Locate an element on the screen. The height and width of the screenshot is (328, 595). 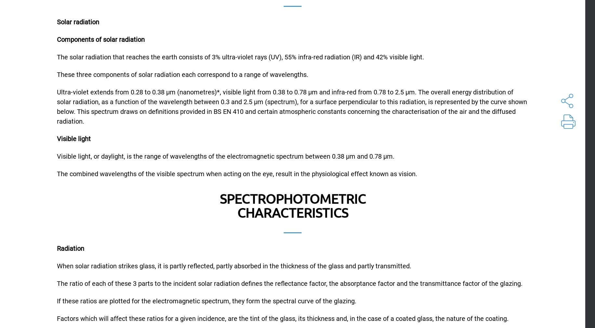
'Factors which will affect these ratios for a given incidence, are the tint of the glass, its thickness and, in the case of a coated glass, the nature of the coating.' is located at coordinates (283, 318).